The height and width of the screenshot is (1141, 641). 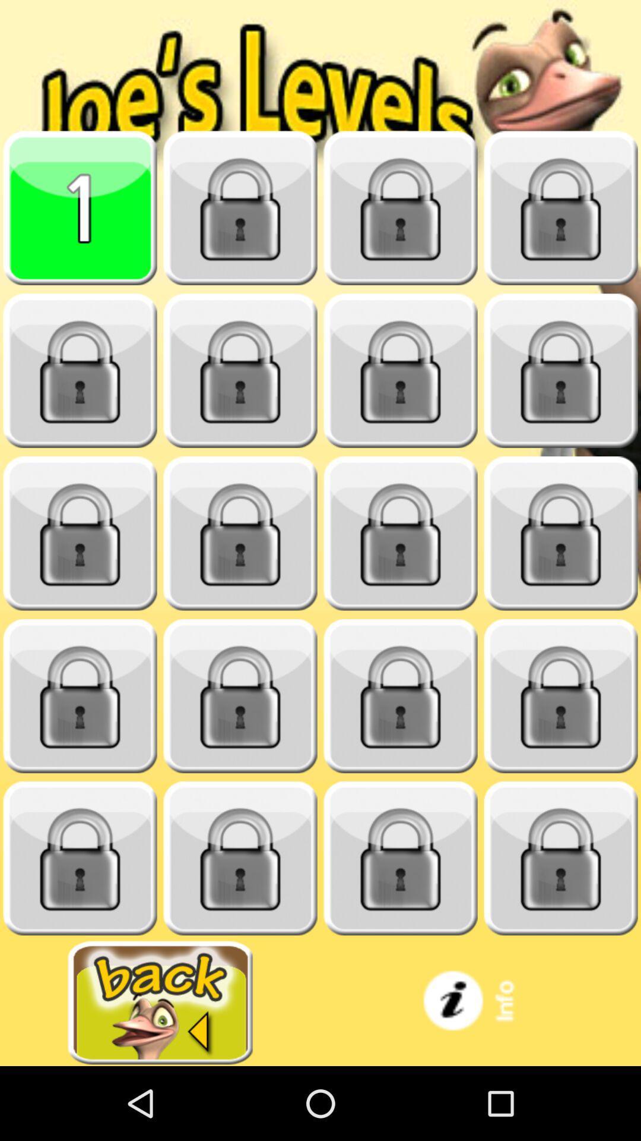 I want to click on go back, so click(x=160, y=1002).